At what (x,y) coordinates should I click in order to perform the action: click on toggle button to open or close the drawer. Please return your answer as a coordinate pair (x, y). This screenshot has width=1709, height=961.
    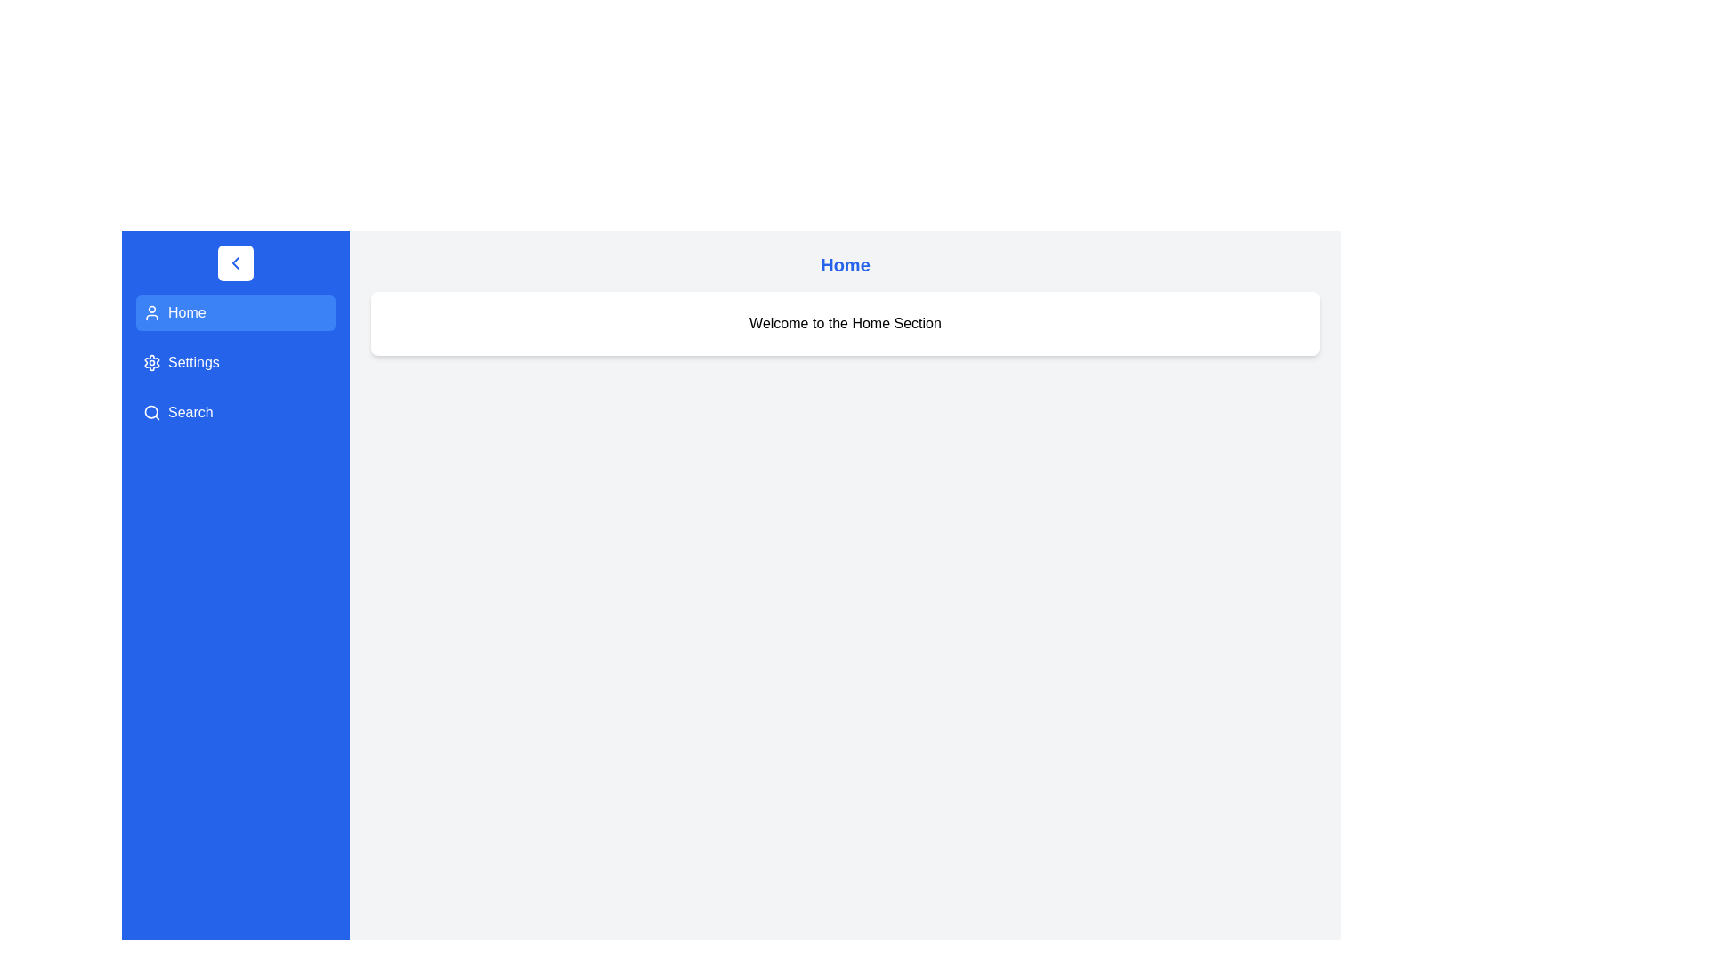
    Looking at the image, I should click on (234, 263).